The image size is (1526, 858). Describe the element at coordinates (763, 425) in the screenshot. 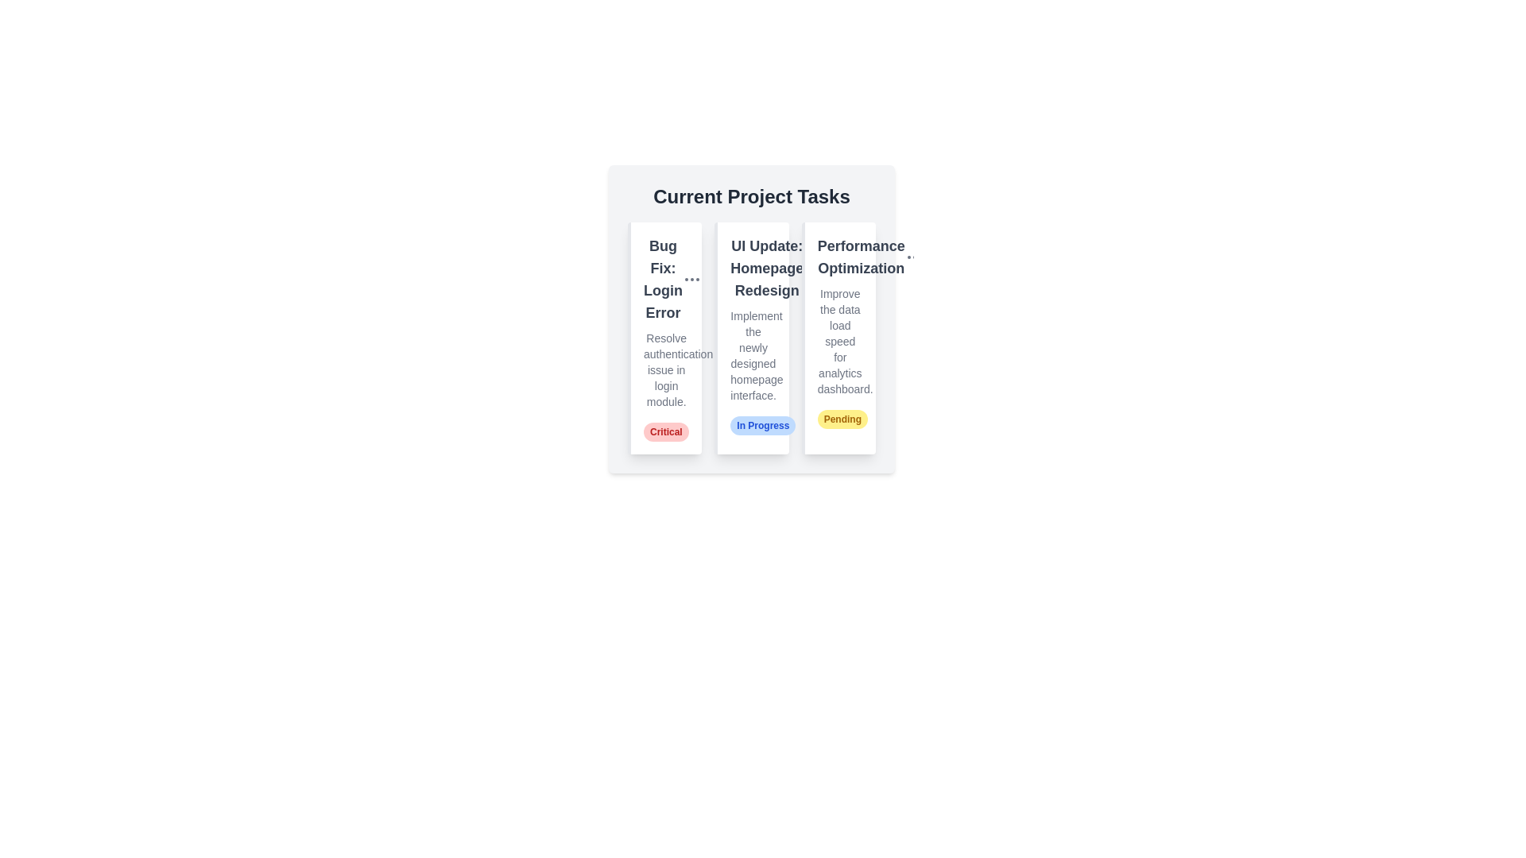

I see `the status badge of a task with status In Progress` at that location.